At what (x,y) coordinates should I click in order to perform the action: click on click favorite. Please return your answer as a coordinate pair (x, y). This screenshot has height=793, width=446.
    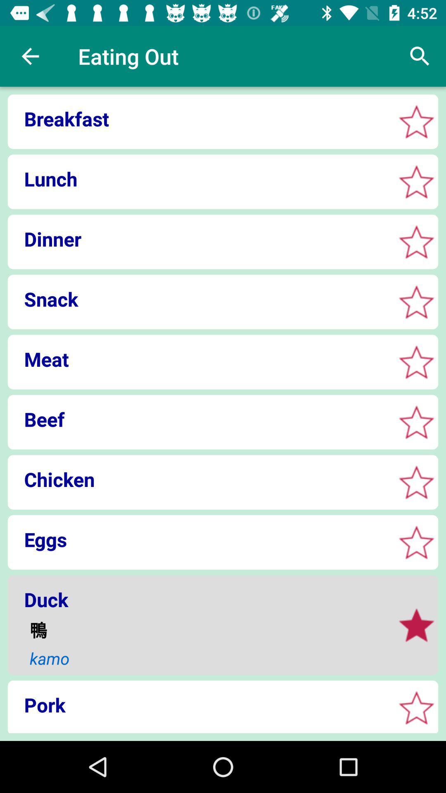
    Looking at the image, I should click on (416, 482).